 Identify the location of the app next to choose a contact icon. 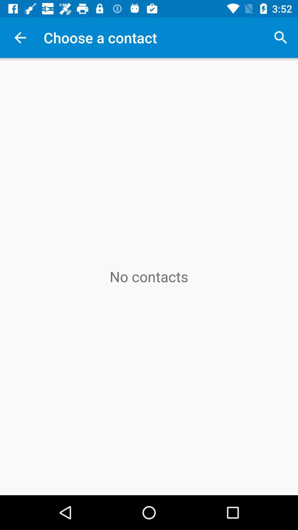
(281, 37).